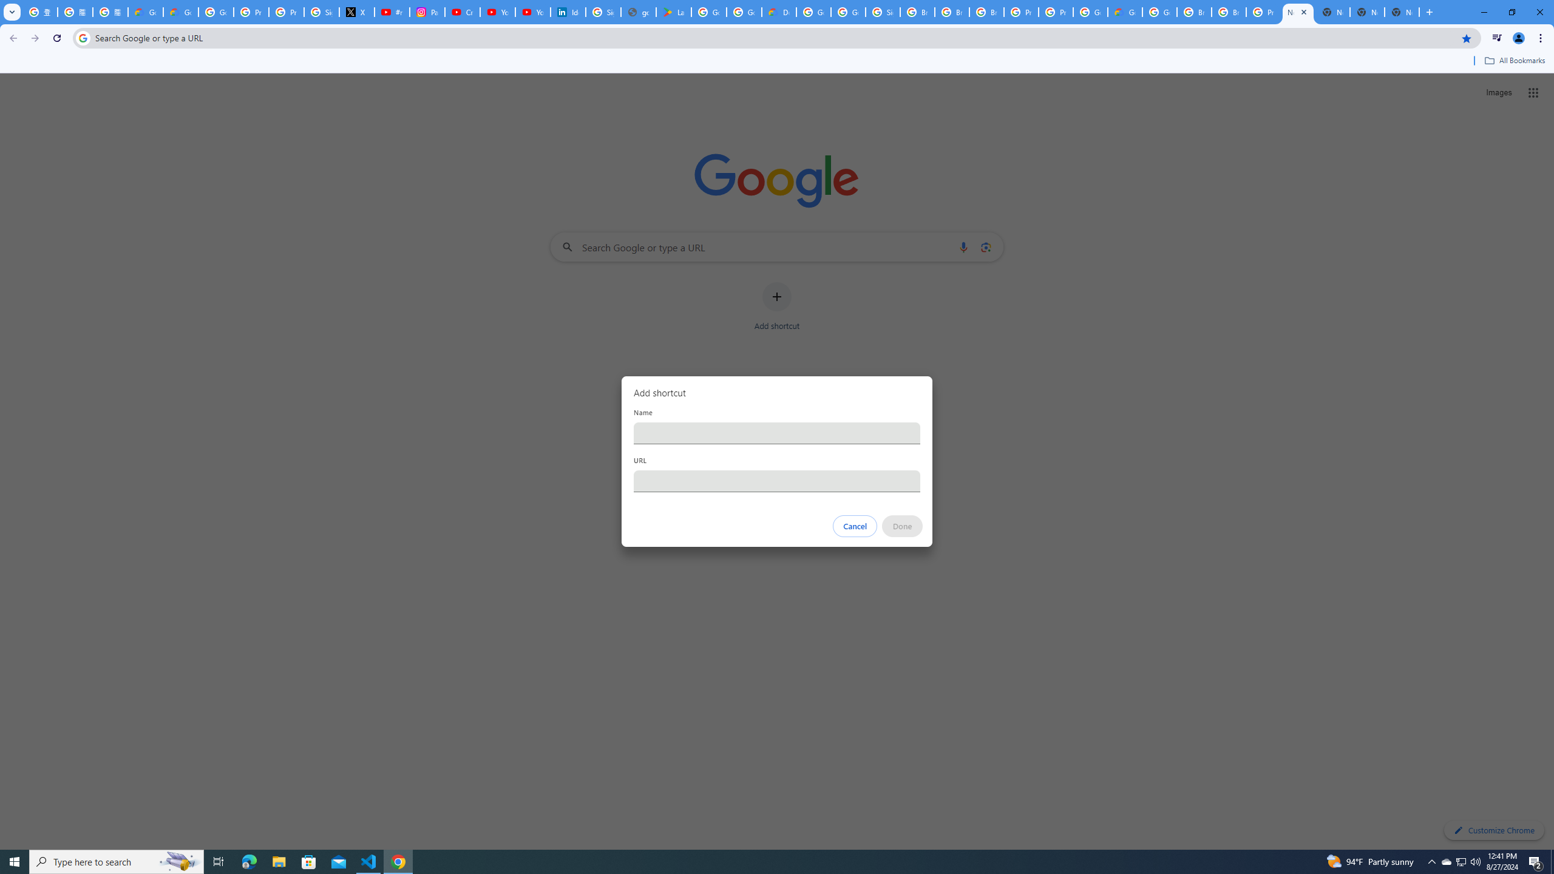 The height and width of the screenshot is (874, 1554). What do you see at coordinates (146, 12) in the screenshot?
I see `'Google Cloud Privacy Notice'` at bounding box center [146, 12].